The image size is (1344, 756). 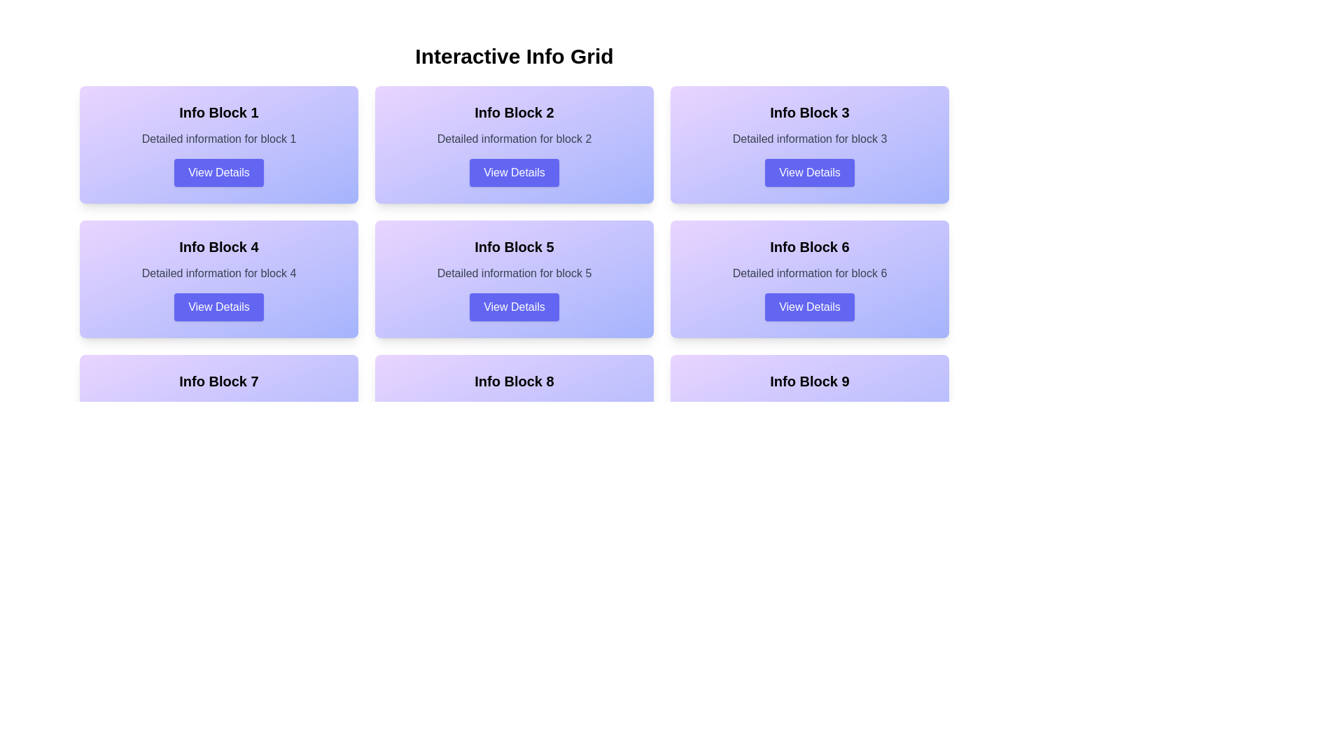 What do you see at coordinates (513, 171) in the screenshot?
I see `the 'View Details' button, which is a rectangular button with rounded corners and white text, located in the lower portion of 'Info Block 2' in the 'Interactive Info Grid'` at bounding box center [513, 171].